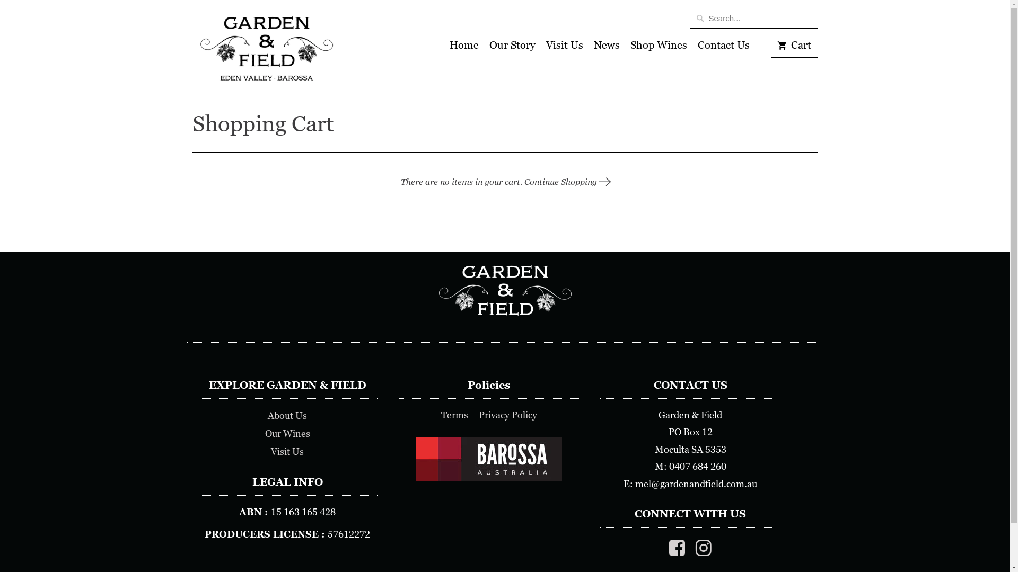 The image size is (1018, 572). I want to click on 'News', so click(607, 48).